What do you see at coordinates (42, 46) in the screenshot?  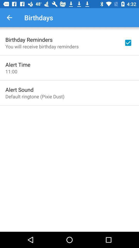 I see `item above alert time` at bounding box center [42, 46].